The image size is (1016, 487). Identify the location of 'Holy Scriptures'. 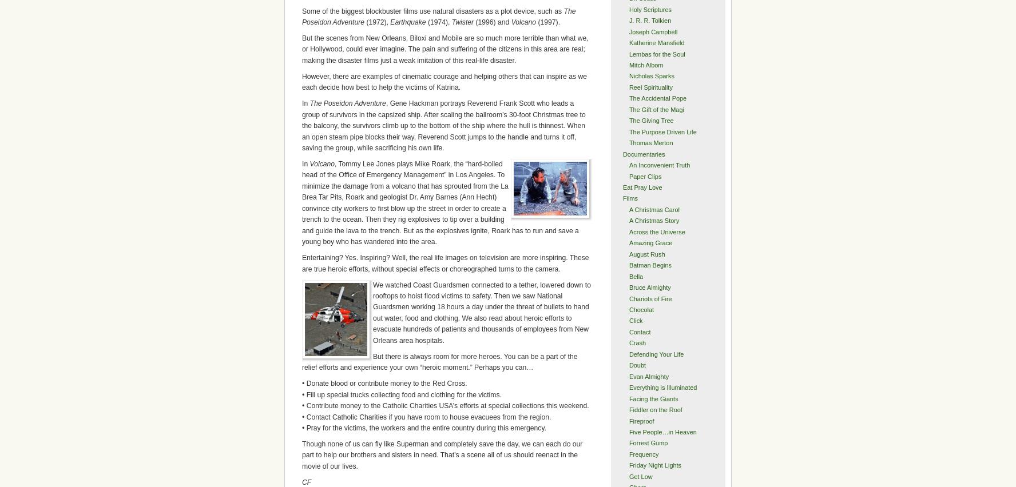
(650, 9).